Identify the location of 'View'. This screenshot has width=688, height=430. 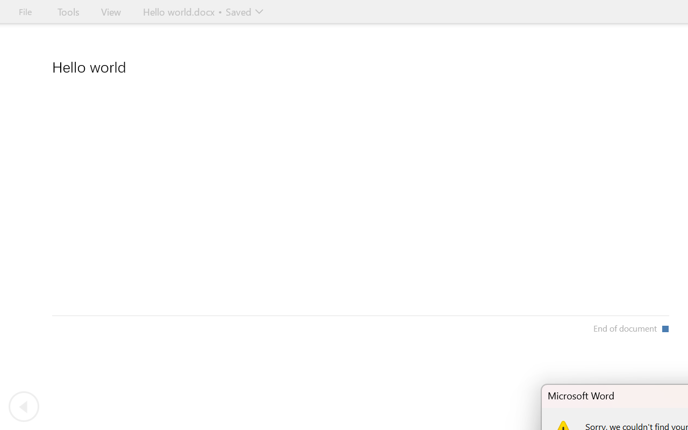
(111, 11).